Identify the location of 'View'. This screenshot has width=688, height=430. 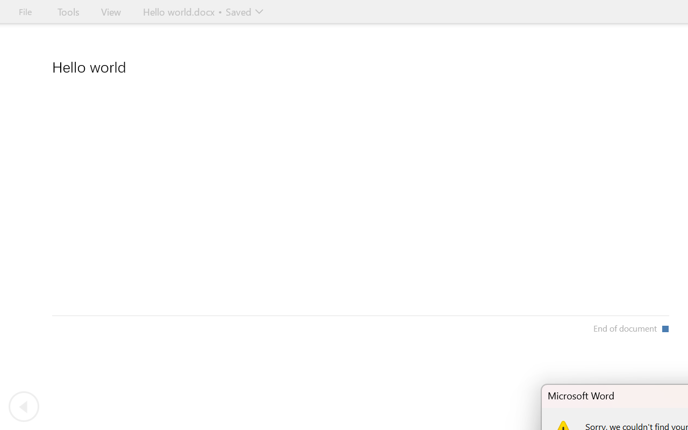
(111, 11).